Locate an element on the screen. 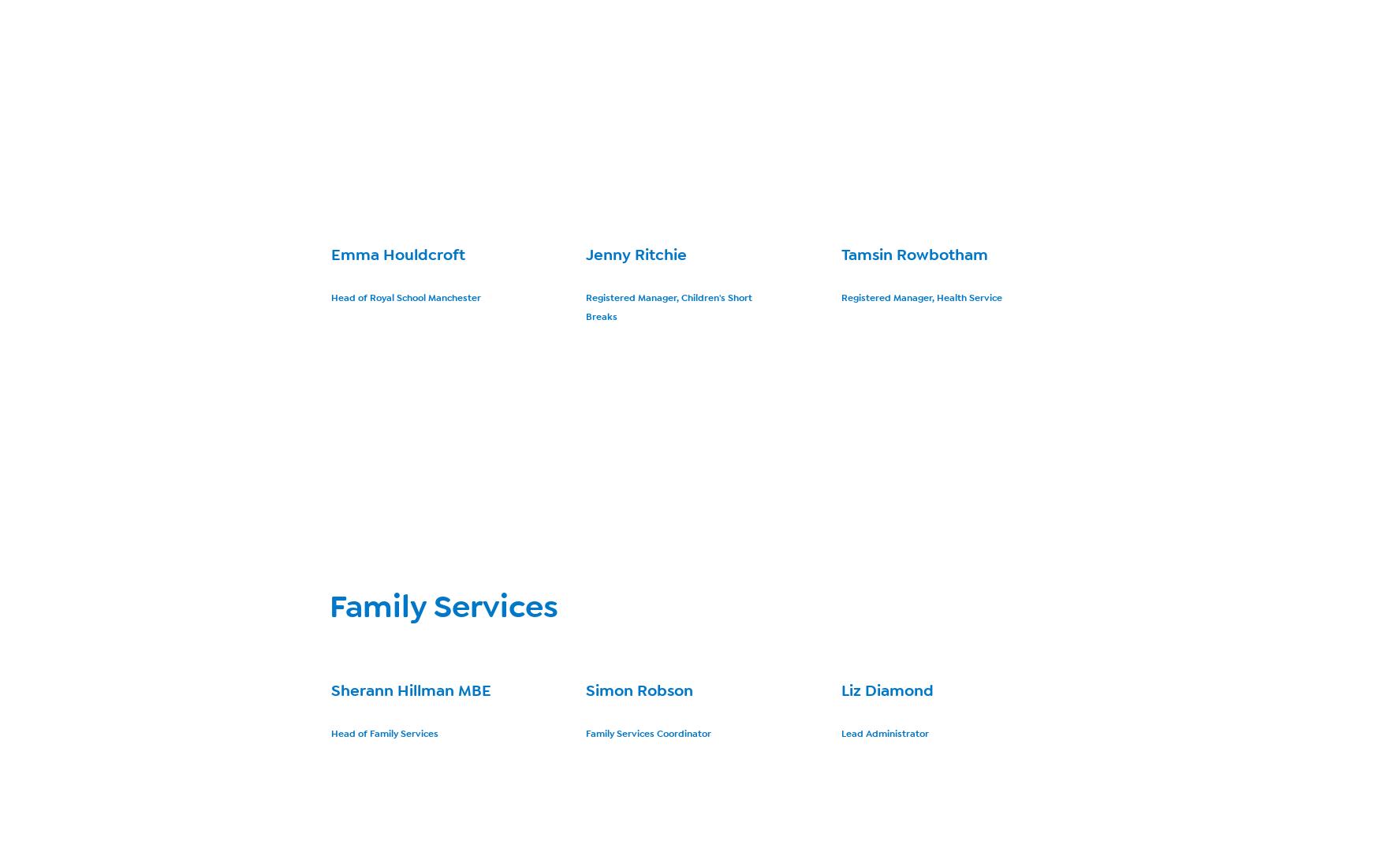 This screenshot has width=1380, height=848. 'Lead Administrator' is located at coordinates (840, 732).